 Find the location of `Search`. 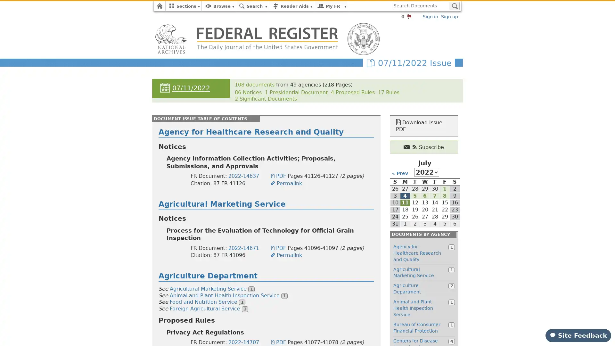

Search is located at coordinates (454, 6).